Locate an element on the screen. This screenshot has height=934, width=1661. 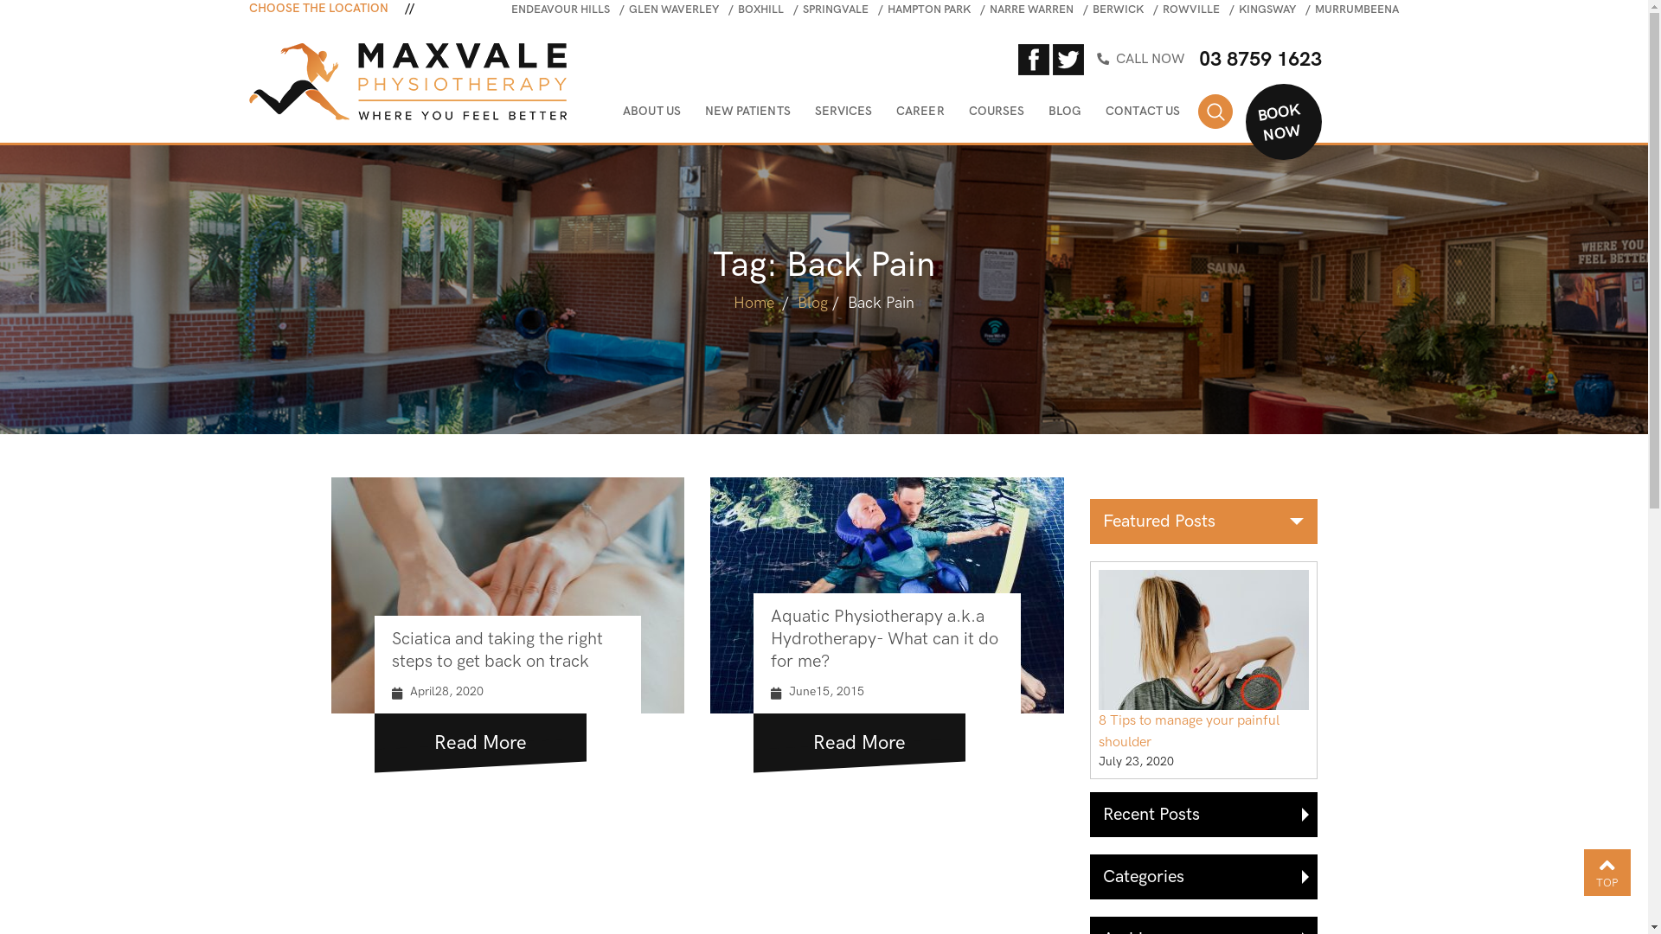
'ROWVILLE' is located at coordinates (1190, 10).